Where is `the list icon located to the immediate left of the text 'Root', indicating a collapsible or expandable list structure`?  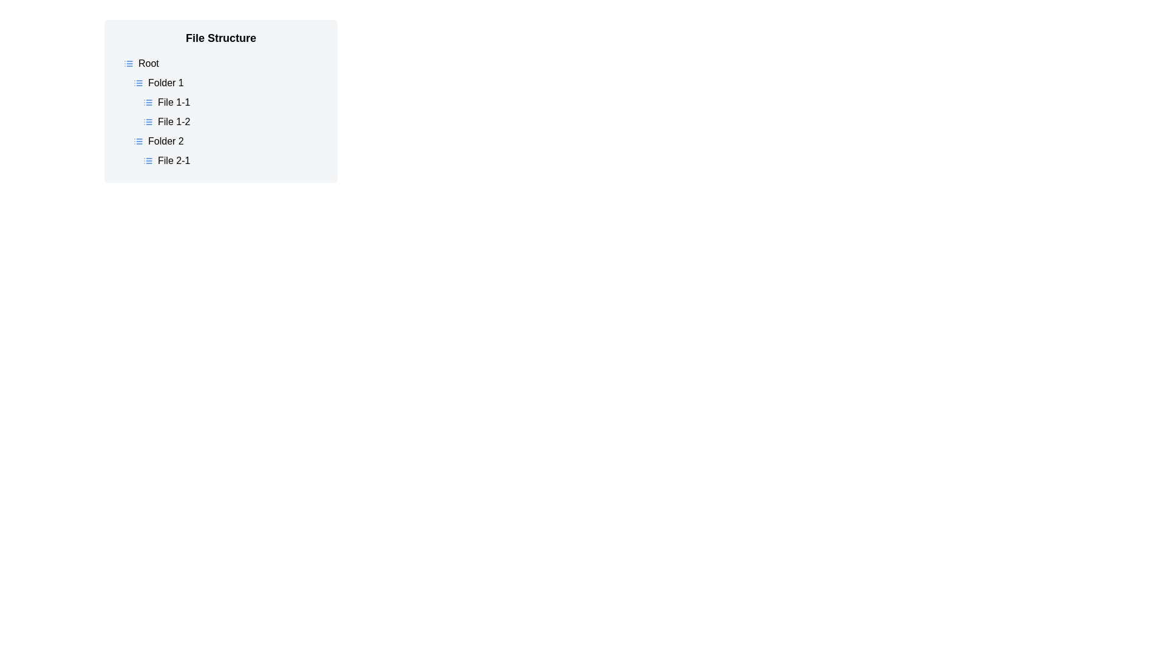
the list icon located to the immediate left of the text 'Root', indicating a collapsible or expandable list structure is located at coordinates (128, 63).